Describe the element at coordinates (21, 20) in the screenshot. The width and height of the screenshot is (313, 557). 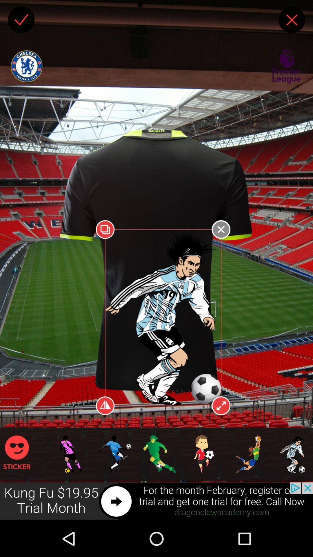
I see `item` at that location.